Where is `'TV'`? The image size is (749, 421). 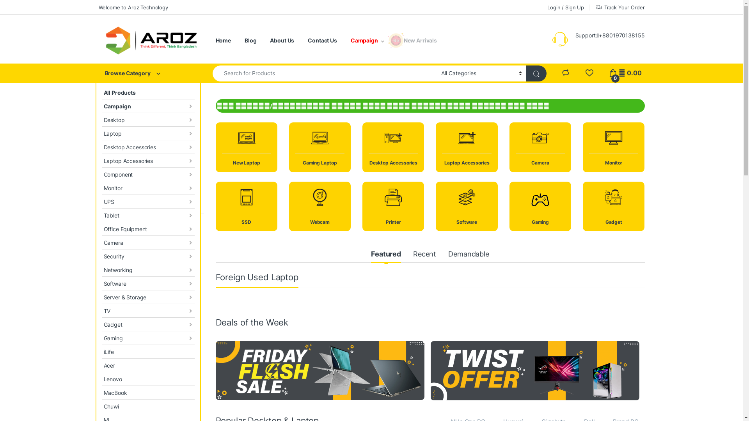
'TV' is located at coordinates (148, 310).